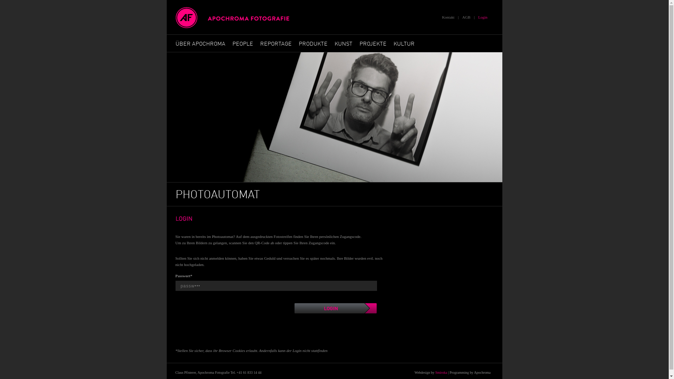 The height and width of the screenshot is (379, 674). What do you see at coordinates (372, 44) in the screenshot?
I see `'PROJEKTE'` at bounding box center [372, 44].